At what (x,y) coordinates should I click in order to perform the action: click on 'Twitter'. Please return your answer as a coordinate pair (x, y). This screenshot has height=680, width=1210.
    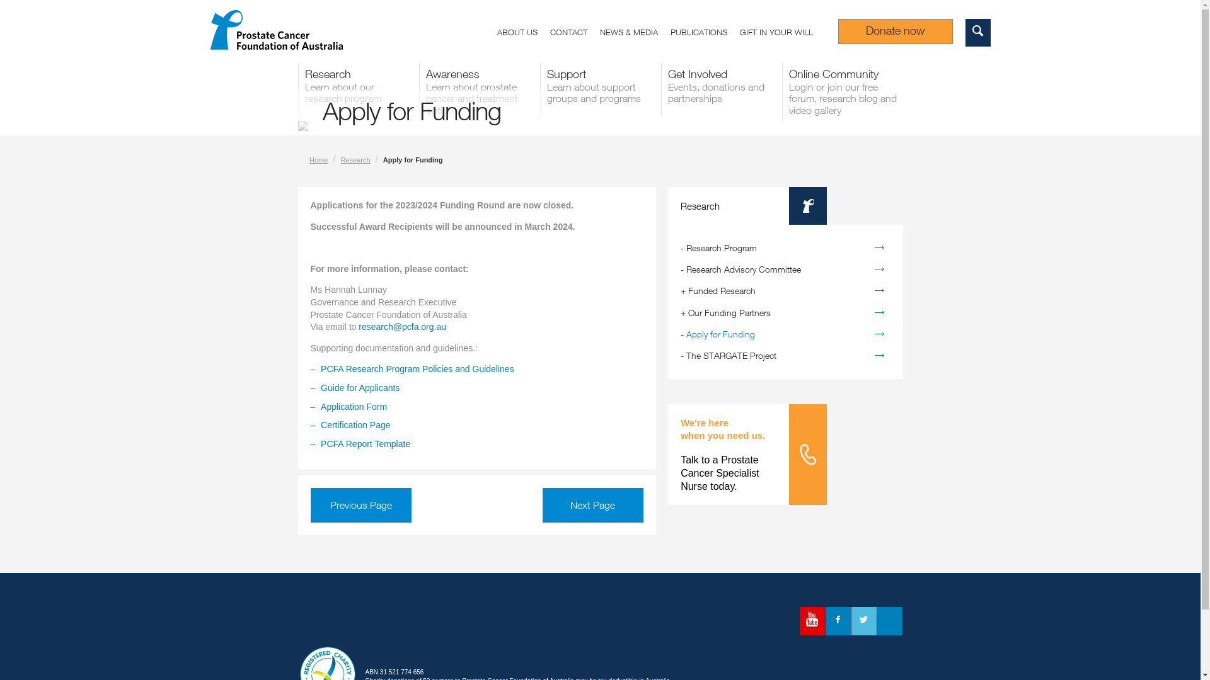
    Looking at the image, I should click on (862, 620).